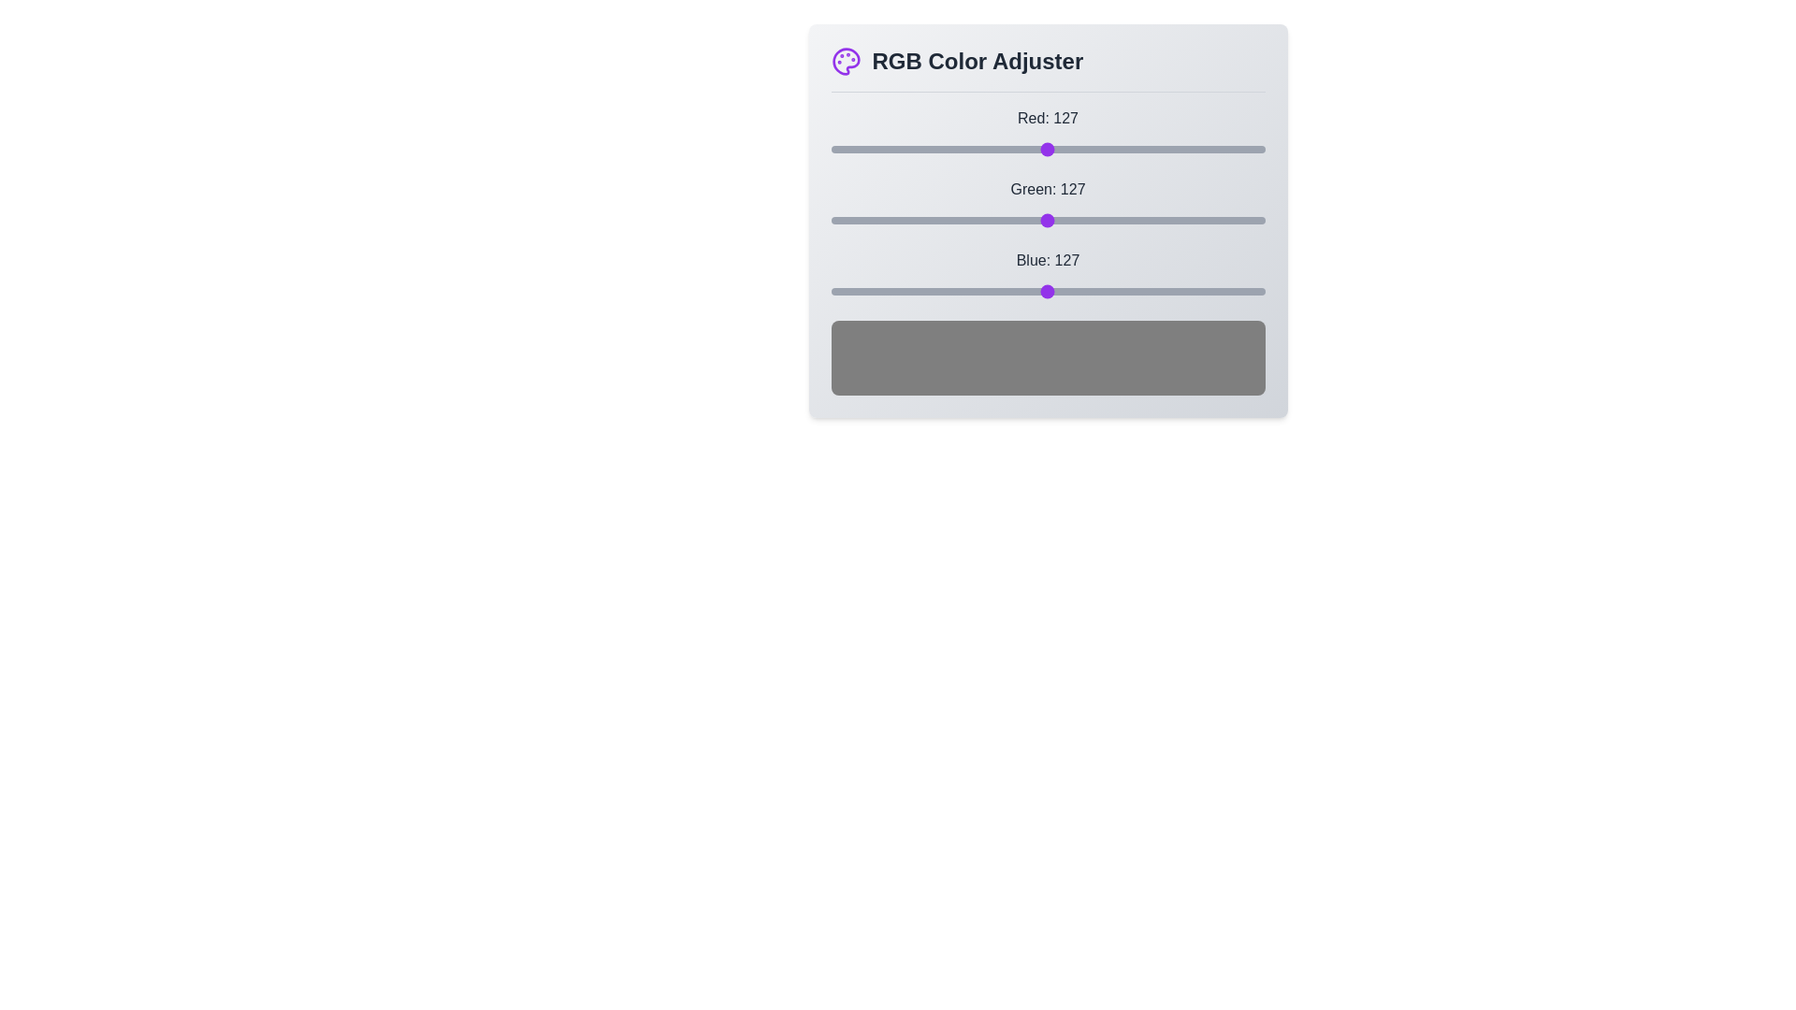 This screenshot has height=1010, width=1796. I want to click on the green slider to set the green value to 138, so click(1065, 219).